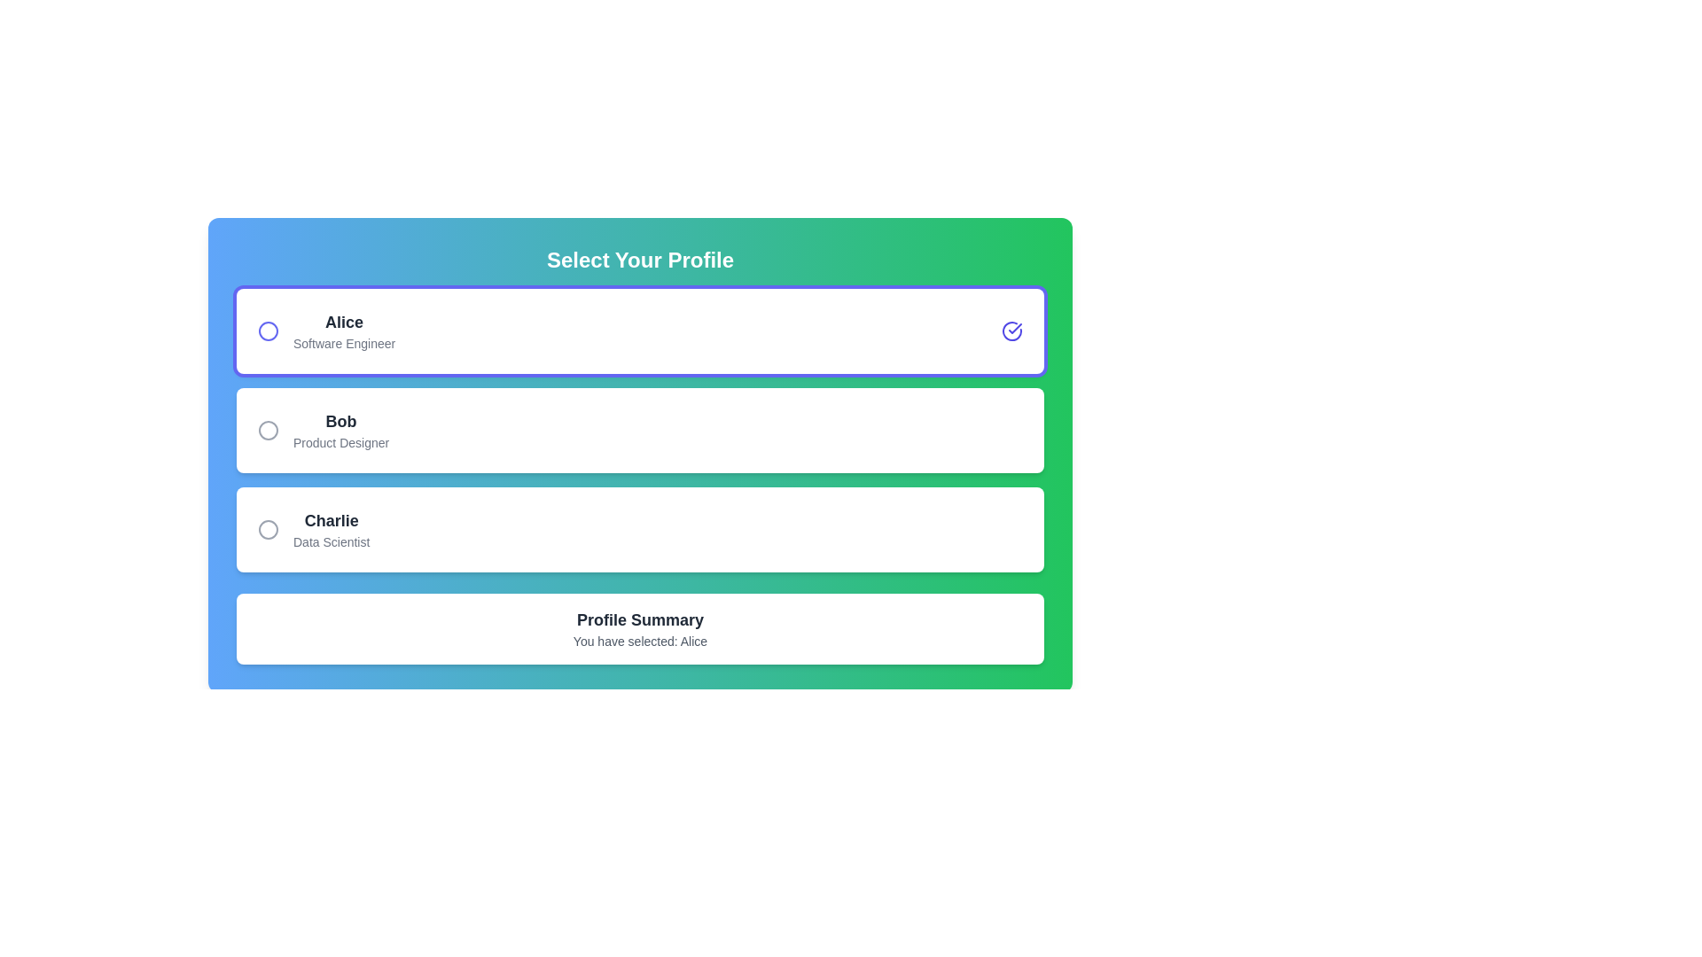  What do you see at coordinates (639, 431) in the screenshot?
I see `the selectable profile item representing 'Bob', a Product Designer` at bounding box center [639, 431].